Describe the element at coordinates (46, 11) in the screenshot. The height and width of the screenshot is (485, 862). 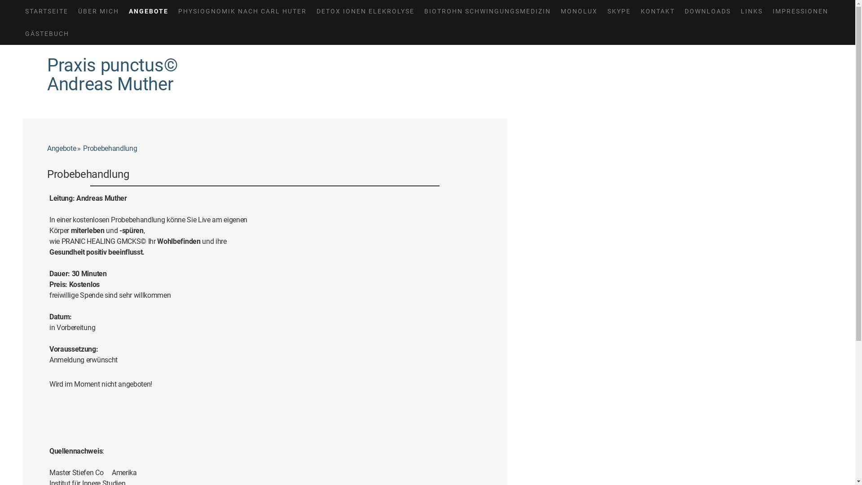
I see `'STARTSEITE'` at that location.